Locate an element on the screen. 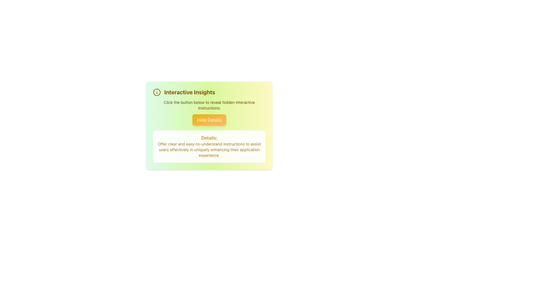  the informational icon located to the left of the bold text titled 'Interactive Insights', which indicates the presence of additional contextual details is located at coordinates (157, 92).